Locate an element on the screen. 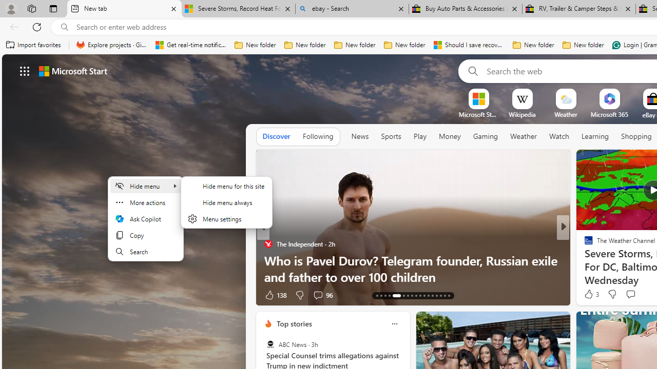  'AutomationID: tab-24' is located at coordinates (428, 296).